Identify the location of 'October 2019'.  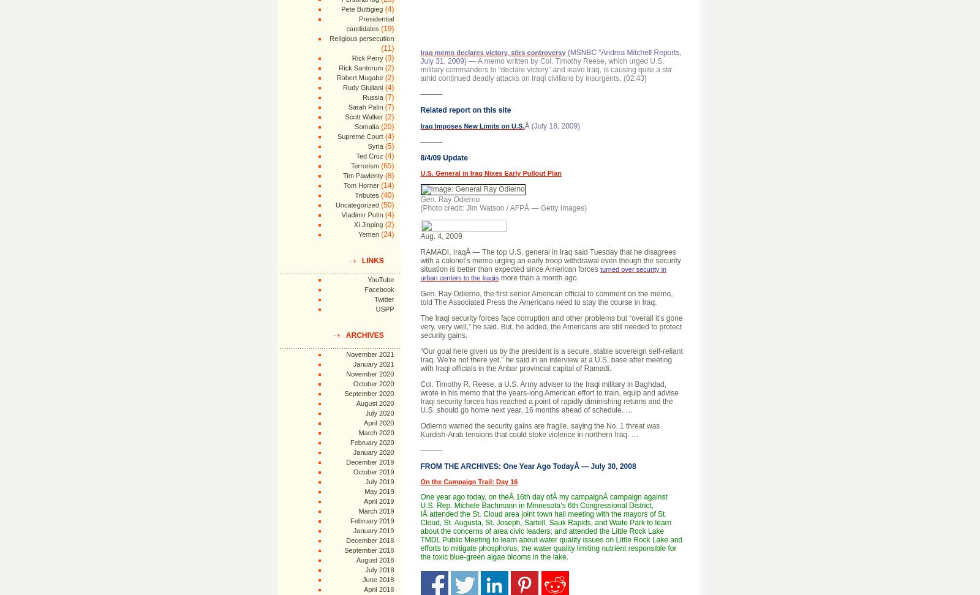
(373, 471).